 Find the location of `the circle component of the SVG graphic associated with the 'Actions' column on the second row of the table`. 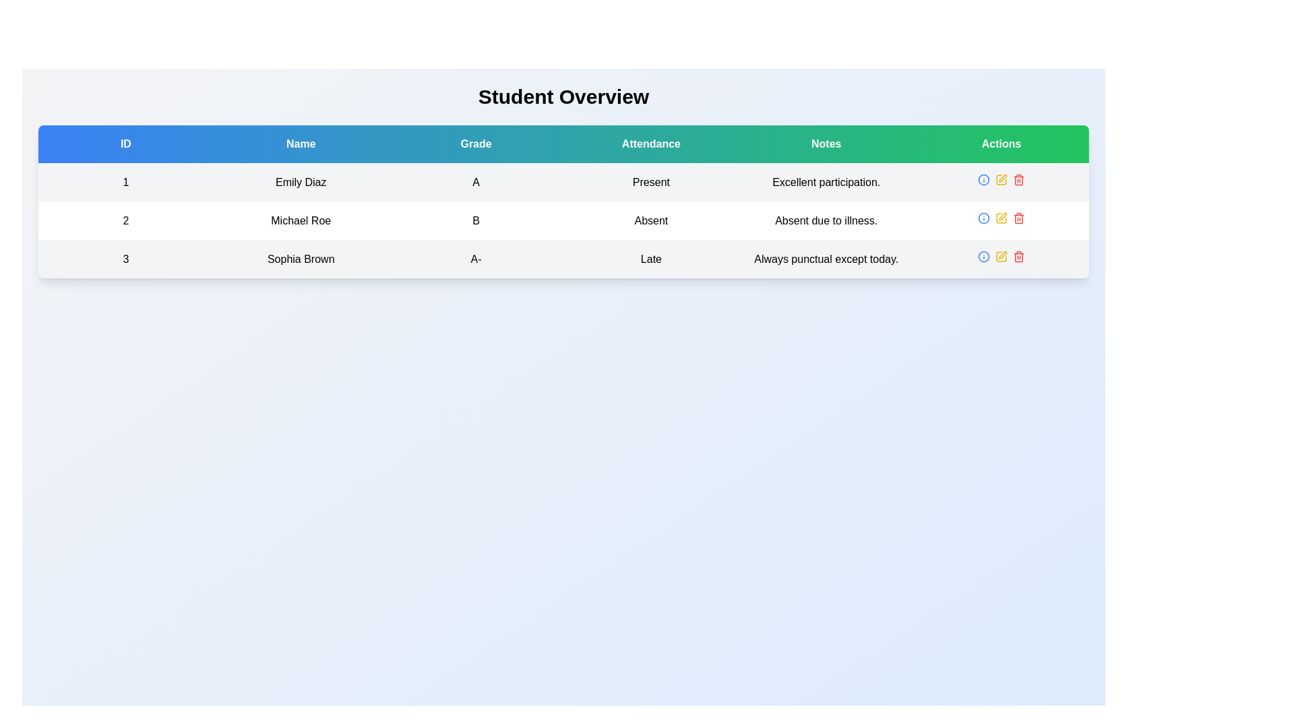

the circle component of the SVG graphic associated with the 'Actions' column on the second row of the table is located at coordinates (983, 179).